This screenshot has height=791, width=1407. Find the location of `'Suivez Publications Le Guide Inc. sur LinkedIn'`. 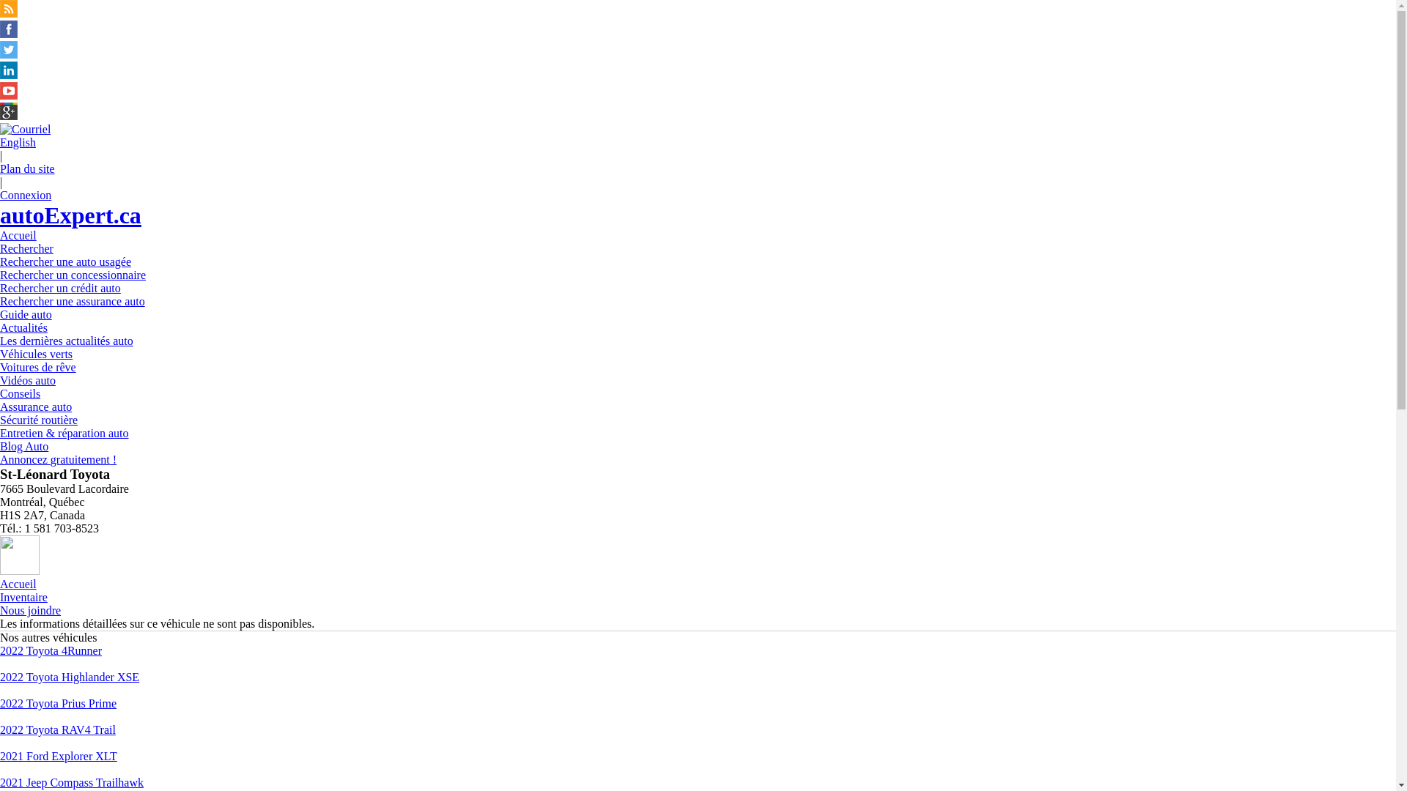

'Suivez Publications Le Guide Inc. sur LinkedIn' is located at coordinates (0, 75).